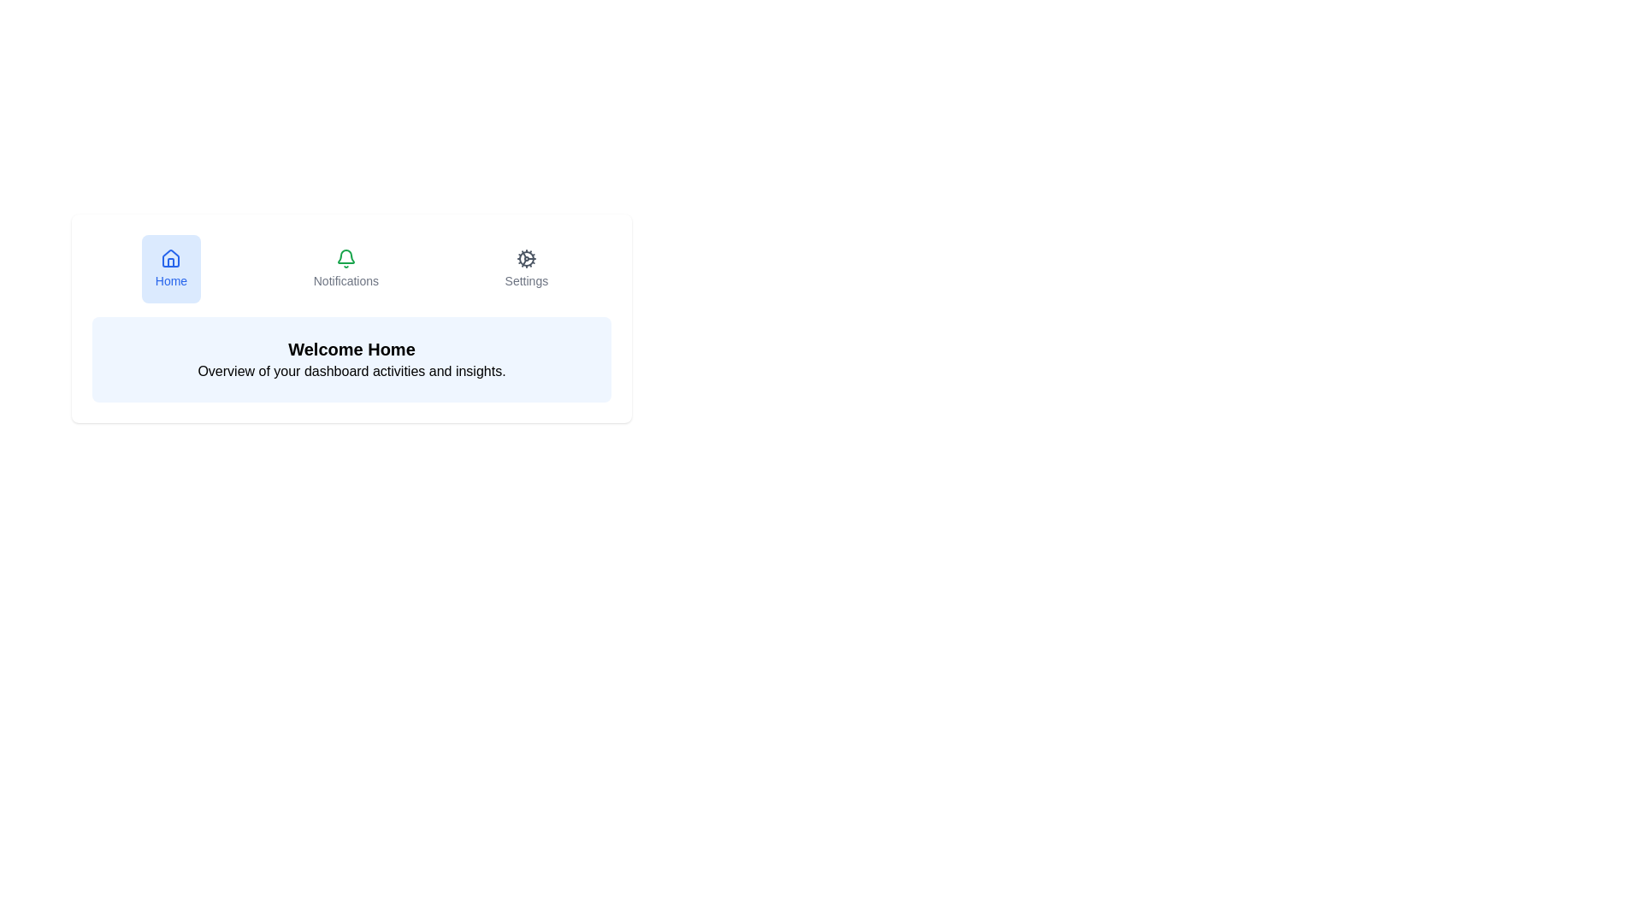 This screenshot has width=1642, height=923. What do you see at coordinates (171, 269) in the screenshot?
I see `the Home tab by clicking on its corresponding button` at bounding box center [171, 269].